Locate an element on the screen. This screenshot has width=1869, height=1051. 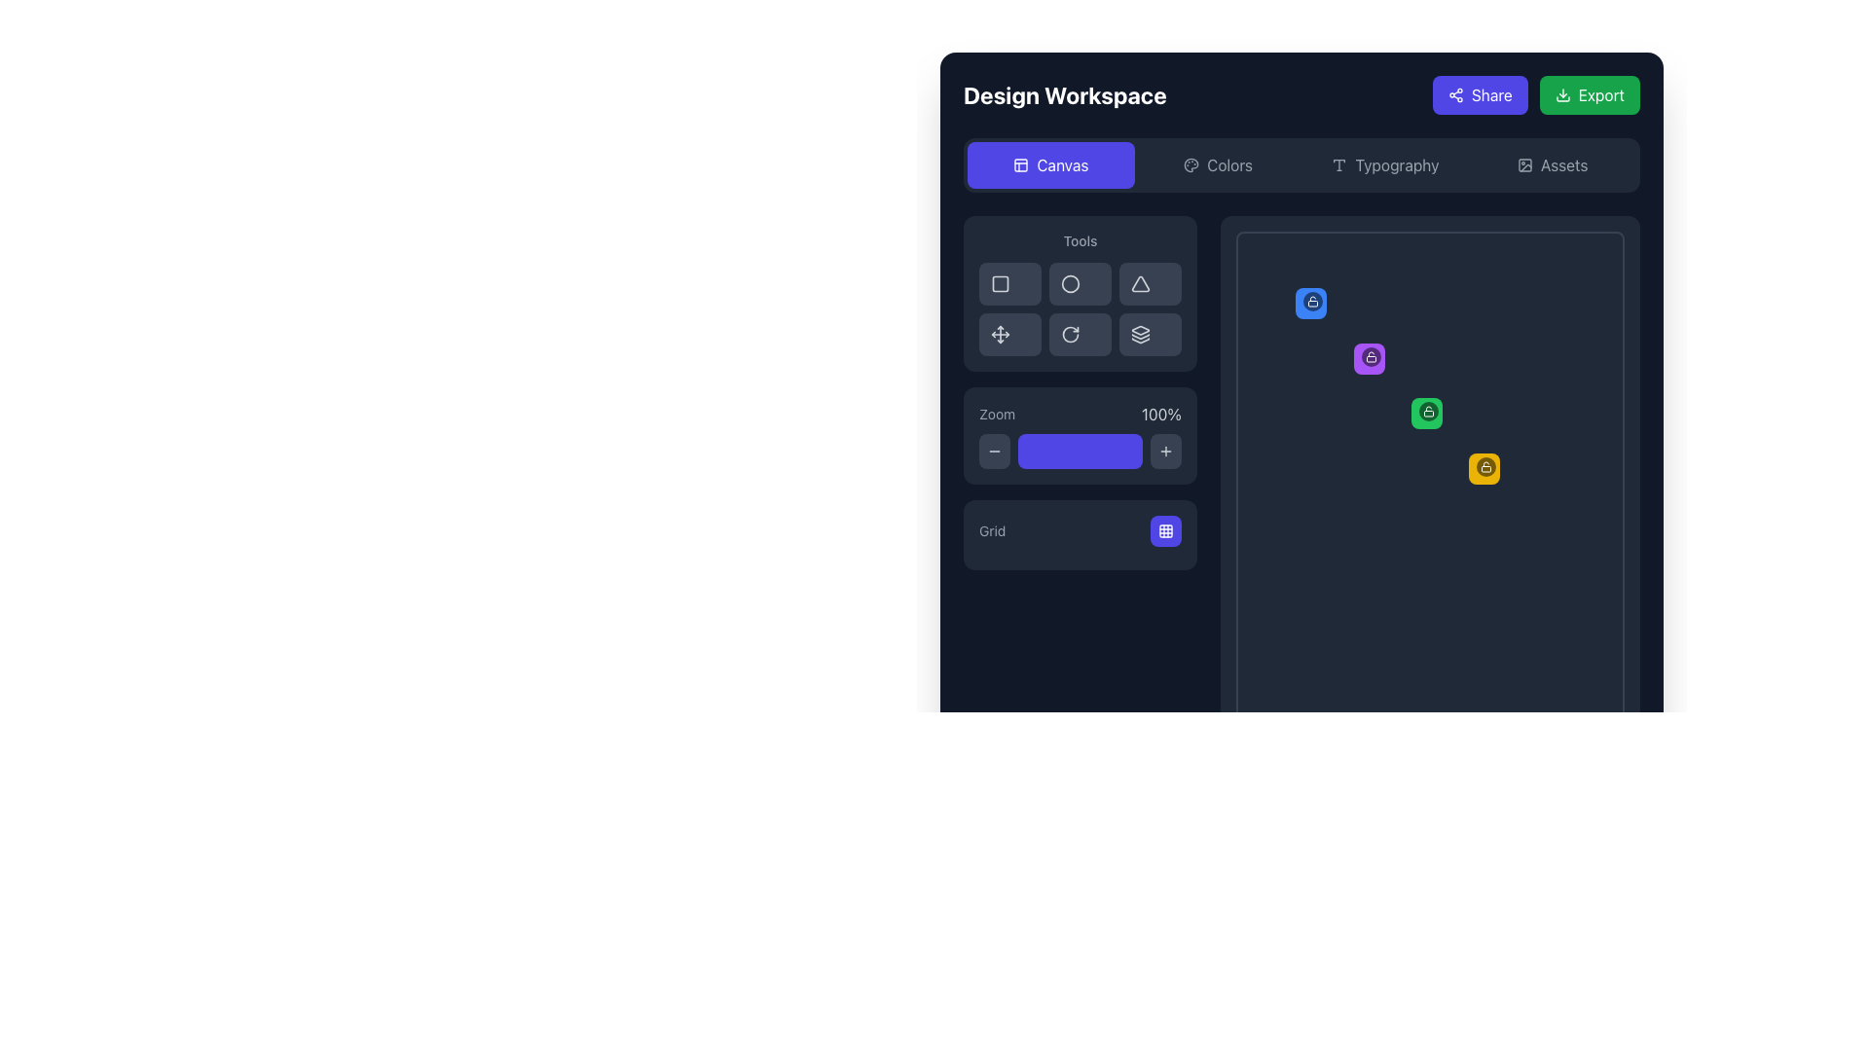
label text 'Assets' which is styled in light gray color against a dark gray background, located in the header section of the interface, adjacent to navigation buttons like 'Share' and 'Export' is located at coordinates (1564, 163).